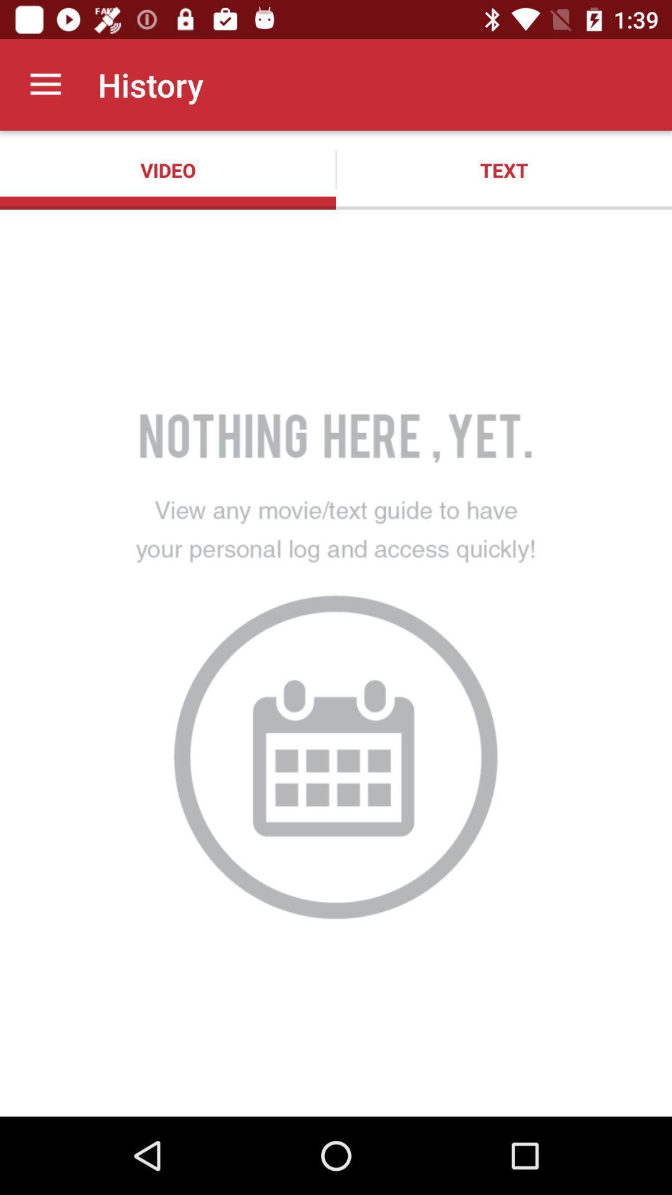 Image resolution: width=672 pixels, height=1195 pixels. Describe the element at coordinates (504, 169) in the screenshot. I see `the app to the right of the video app` at that location.